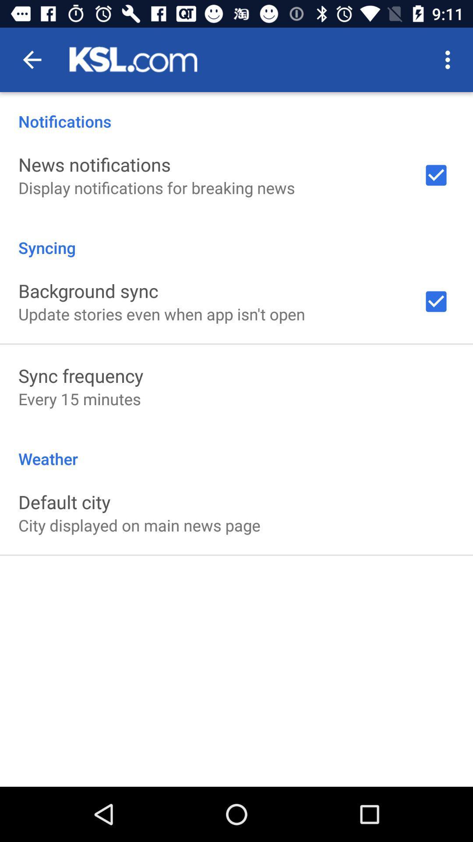 The width and height of the screenshot is (473, 842). What do you see at coordinates (236, 238) in the screenshot?
I see `icon above background sync item` at bounding box center [236, 238].